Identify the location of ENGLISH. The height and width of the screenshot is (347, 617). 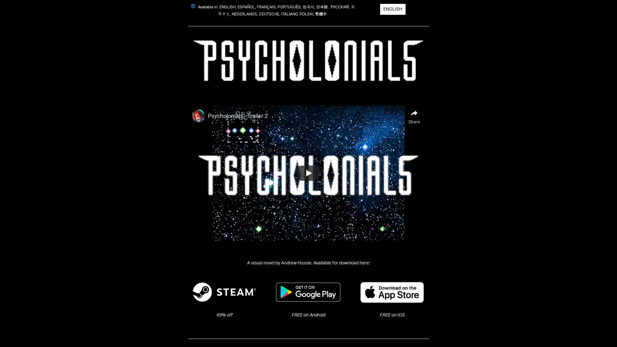
(392, 9).